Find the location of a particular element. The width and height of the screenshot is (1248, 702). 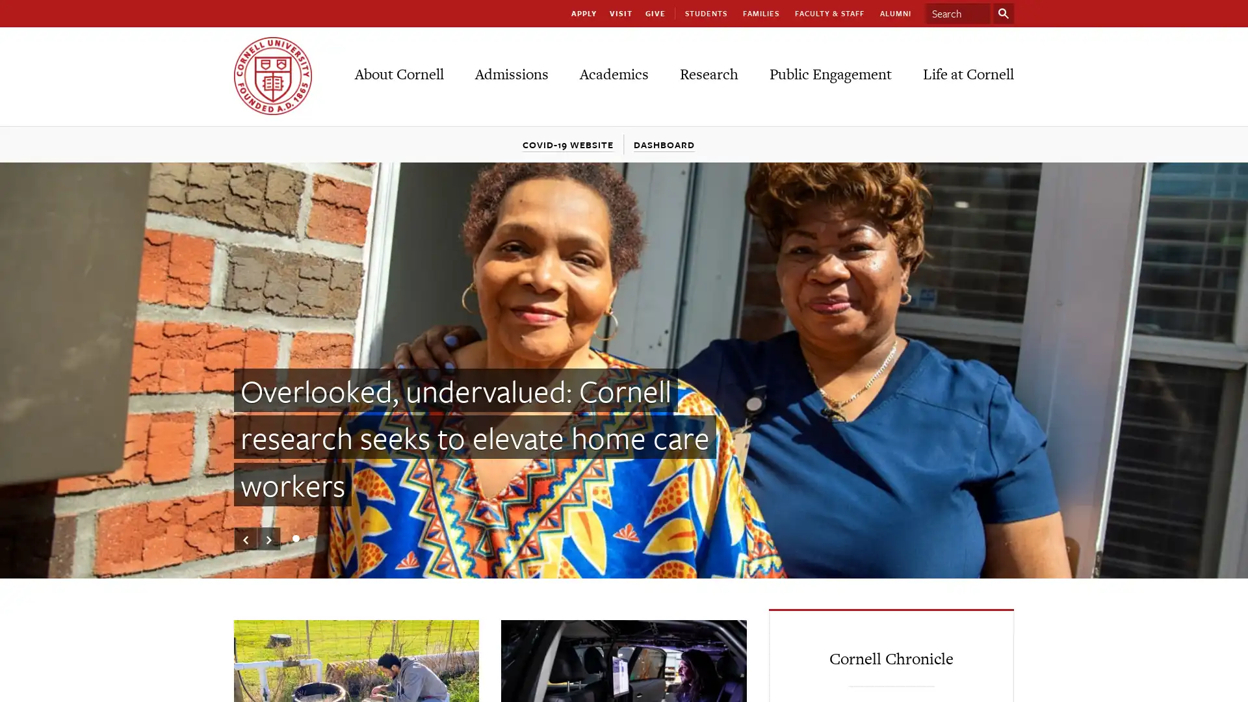

Search is located at coordinates (1003, 13).